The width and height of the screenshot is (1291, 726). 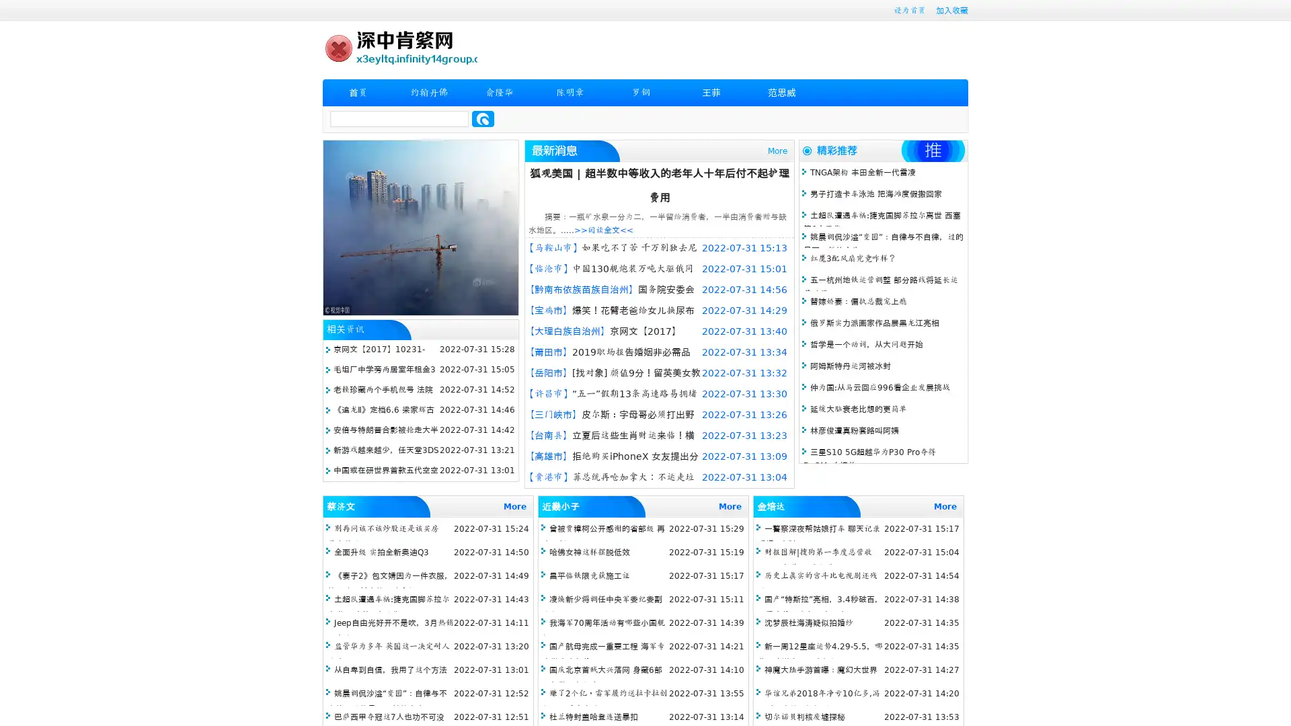 I want to click on Search, so click(x=483, y=118).